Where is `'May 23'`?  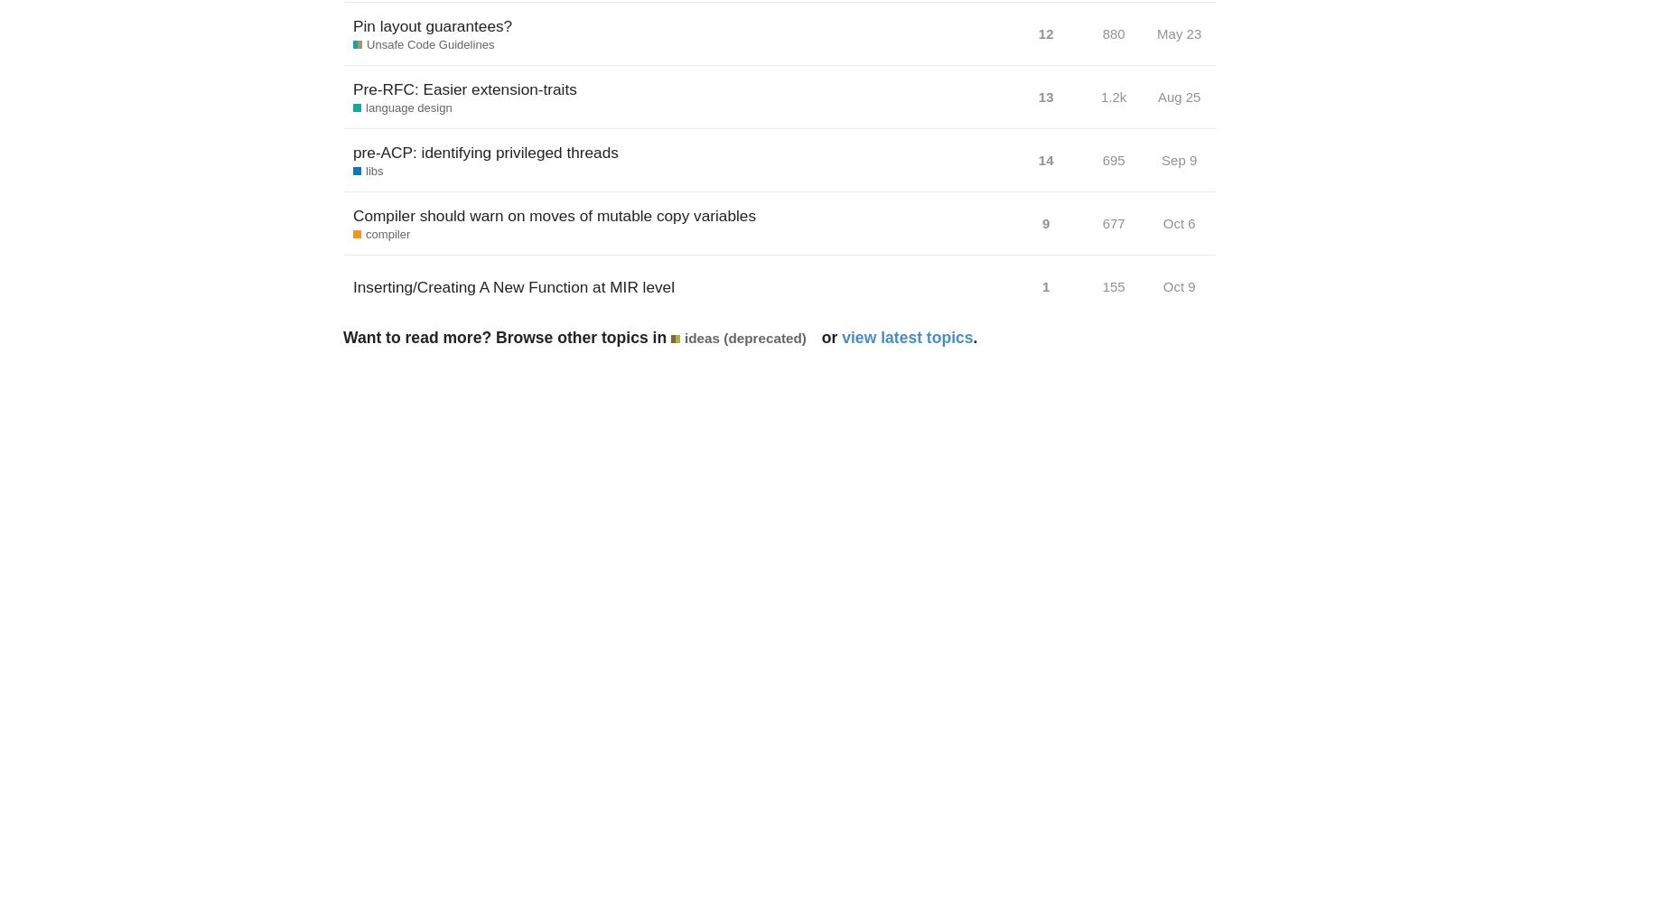 'May 23' is located at coordinates (1178, 33).